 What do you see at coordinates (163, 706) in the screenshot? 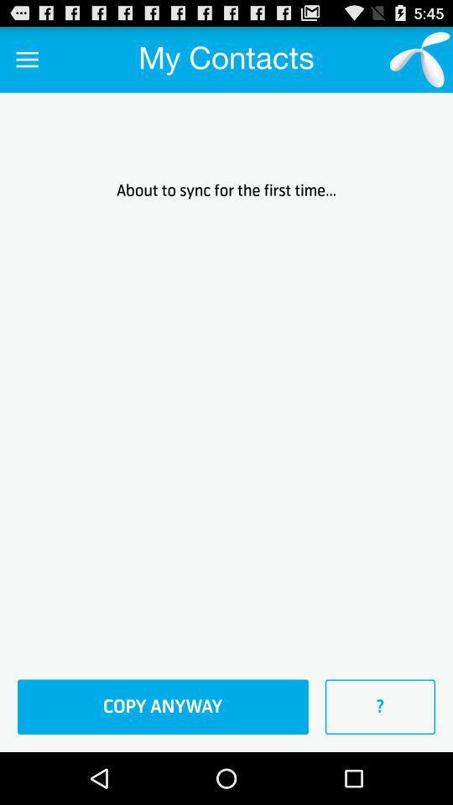
I see `icon to the left of the  ?  item` at bounding box center [163, 706].